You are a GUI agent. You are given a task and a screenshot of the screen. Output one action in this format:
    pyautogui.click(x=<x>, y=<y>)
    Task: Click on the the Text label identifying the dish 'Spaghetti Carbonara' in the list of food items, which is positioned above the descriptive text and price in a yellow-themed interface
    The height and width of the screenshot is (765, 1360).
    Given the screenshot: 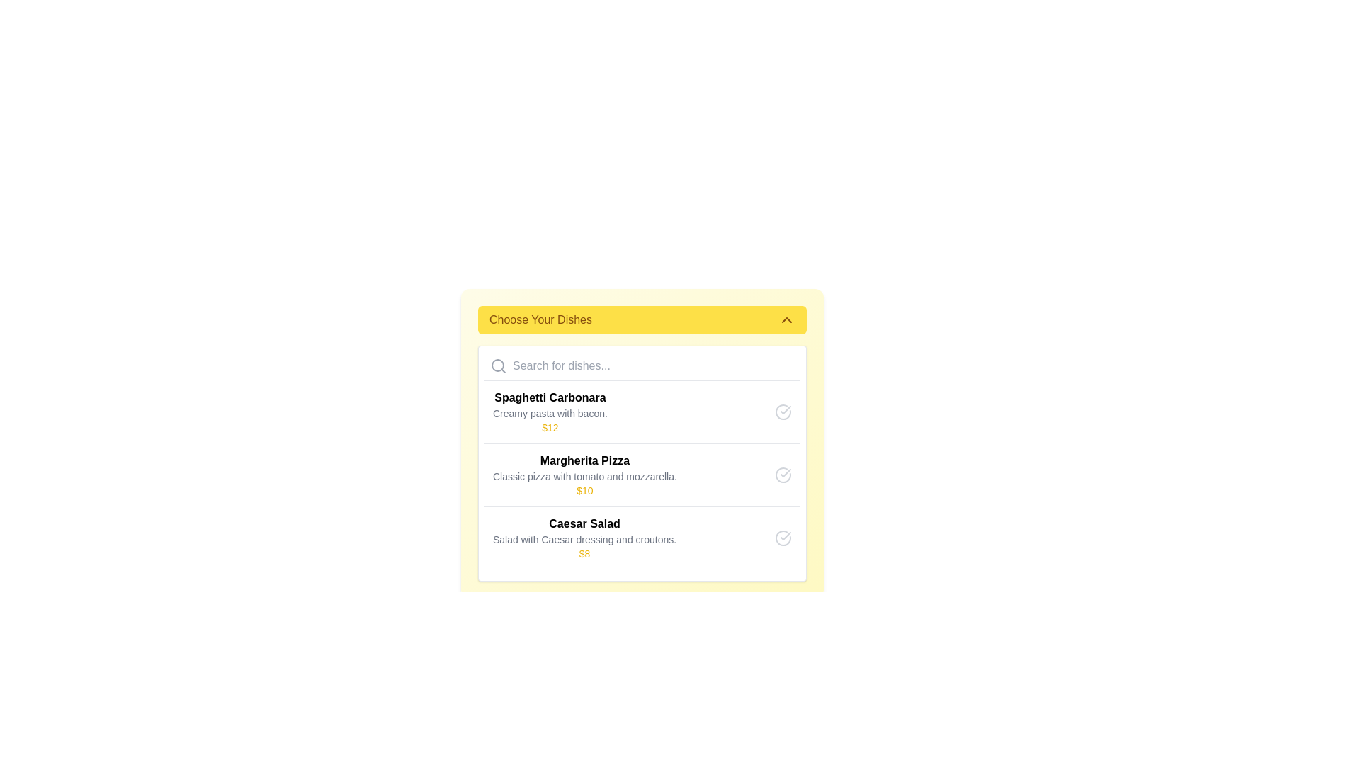 What is the action you would take?
    pyautogui.click(x=550, y=398)
    